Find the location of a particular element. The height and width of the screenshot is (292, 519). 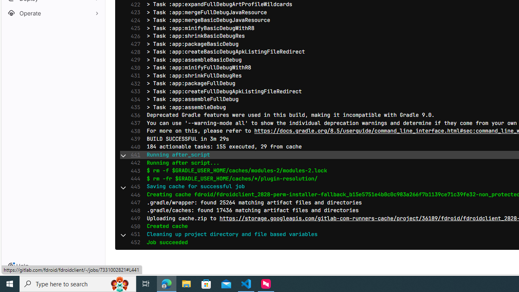

'427' is located at coordinates (133, 44).